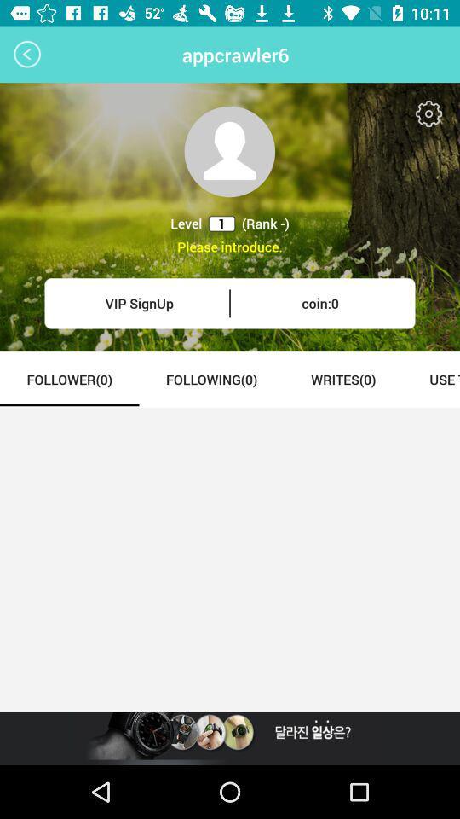 Image resolution: width=460 pixels, height=819 pixels. Describe the element at coordinates (428, 113) in the screenshot. I see `the icon at the top right corner` at that location.